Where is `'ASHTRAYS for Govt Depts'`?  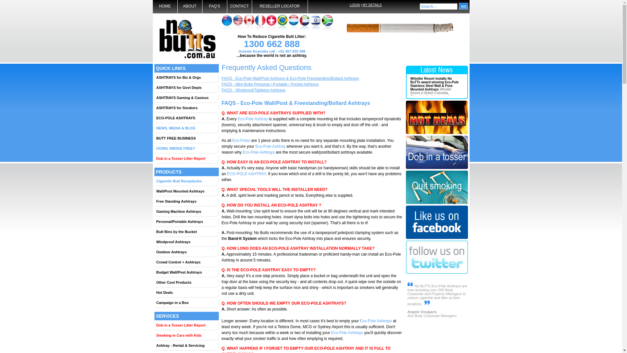 'ASHTRAYS for Govt Depts' is located at coordinates (186, 87).